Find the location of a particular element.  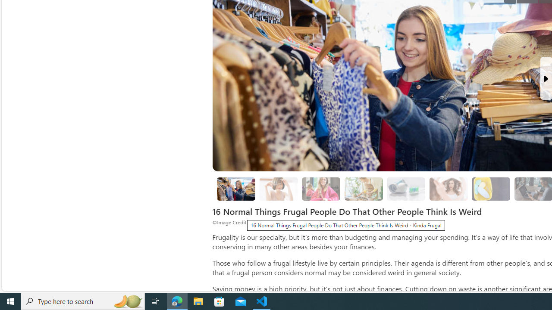

'1. Cutting Hair' is located at coordinates (279, 188).